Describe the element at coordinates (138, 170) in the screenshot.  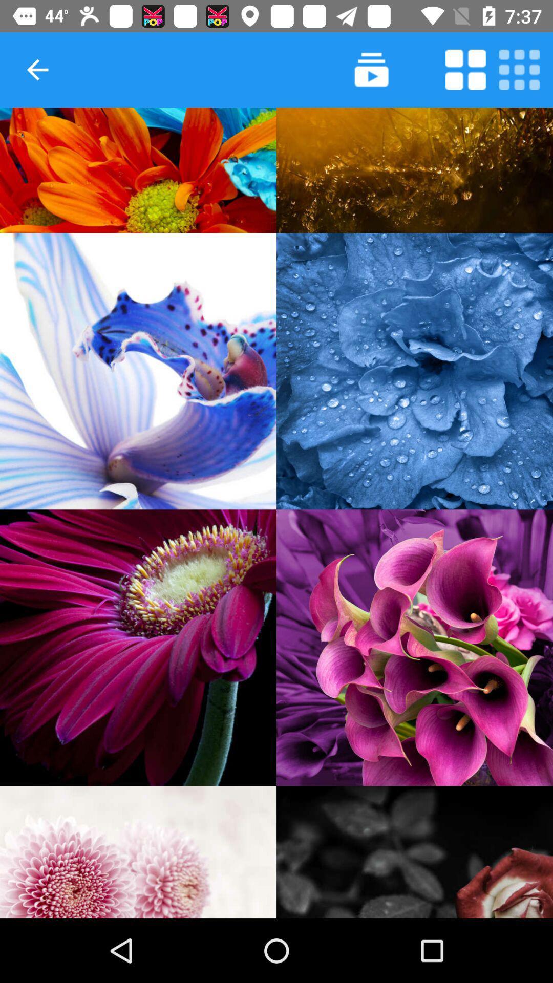
I see `show image` at that location.